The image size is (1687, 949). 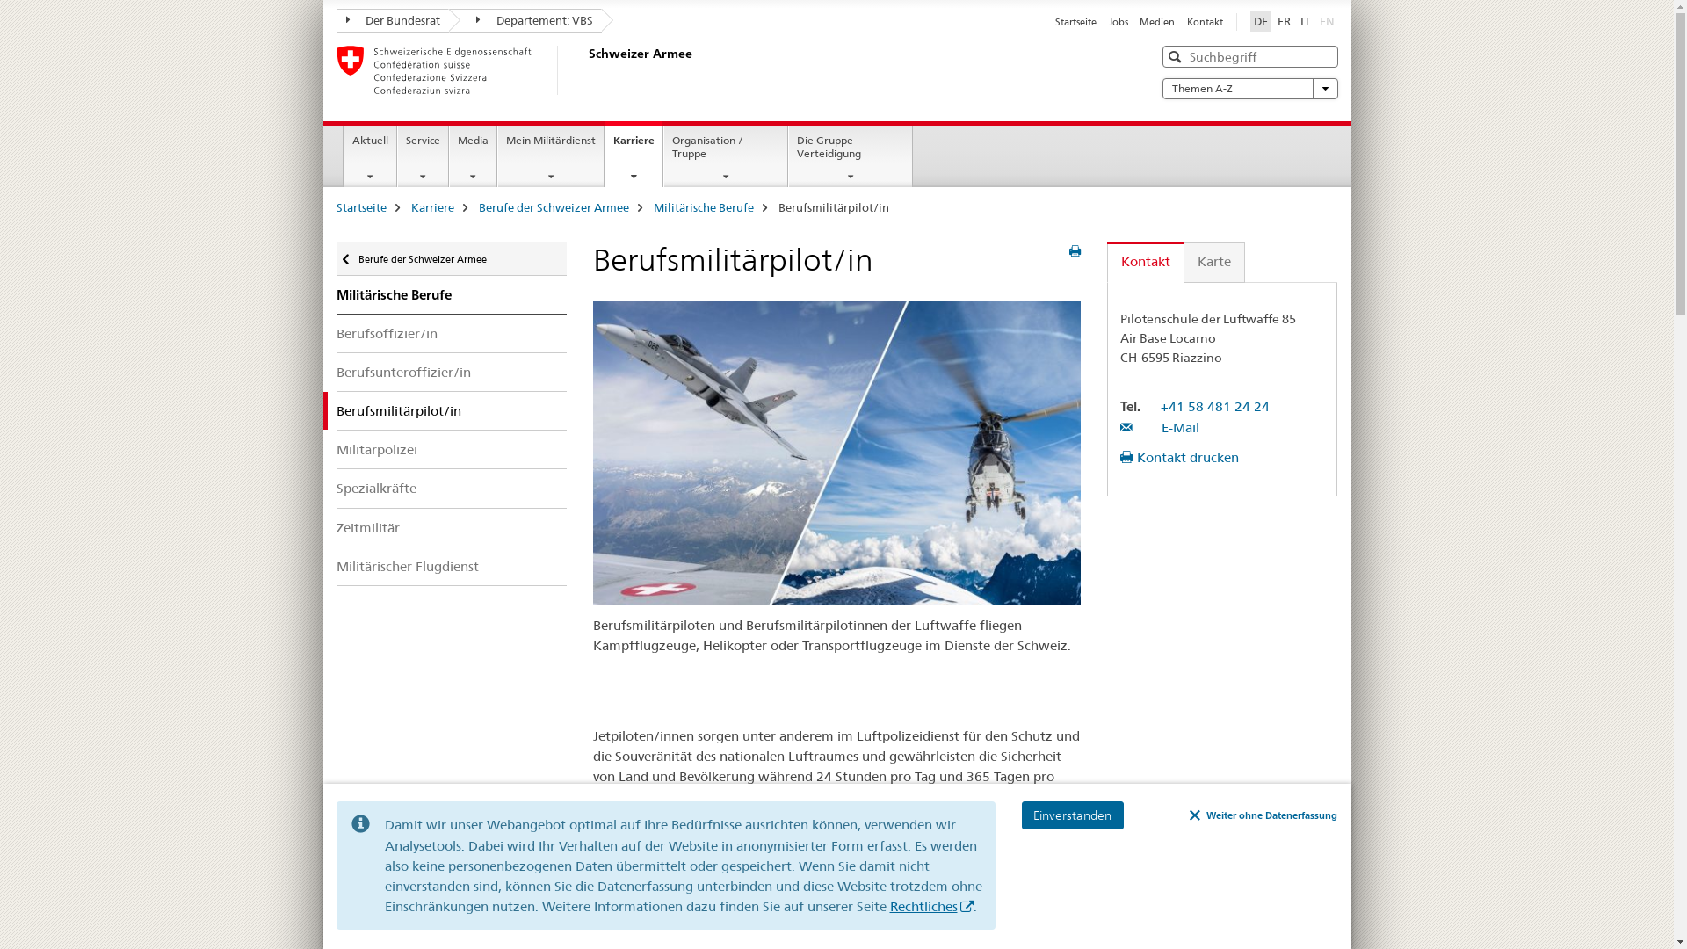 I want to click on 'Clear', so click(x=1322, y=54).